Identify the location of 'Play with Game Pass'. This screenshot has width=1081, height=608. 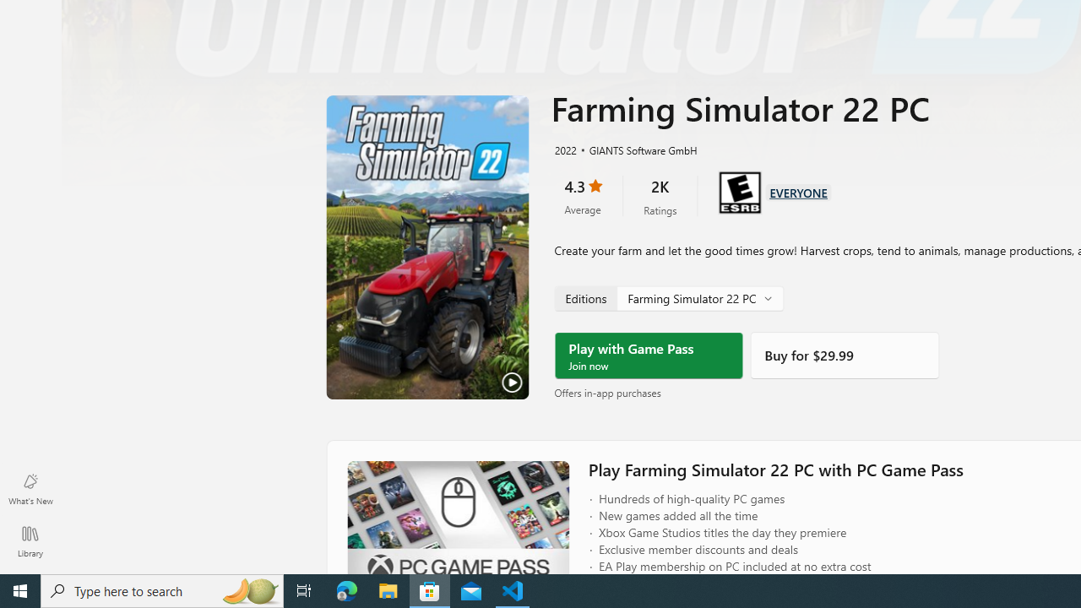
(648, 355).